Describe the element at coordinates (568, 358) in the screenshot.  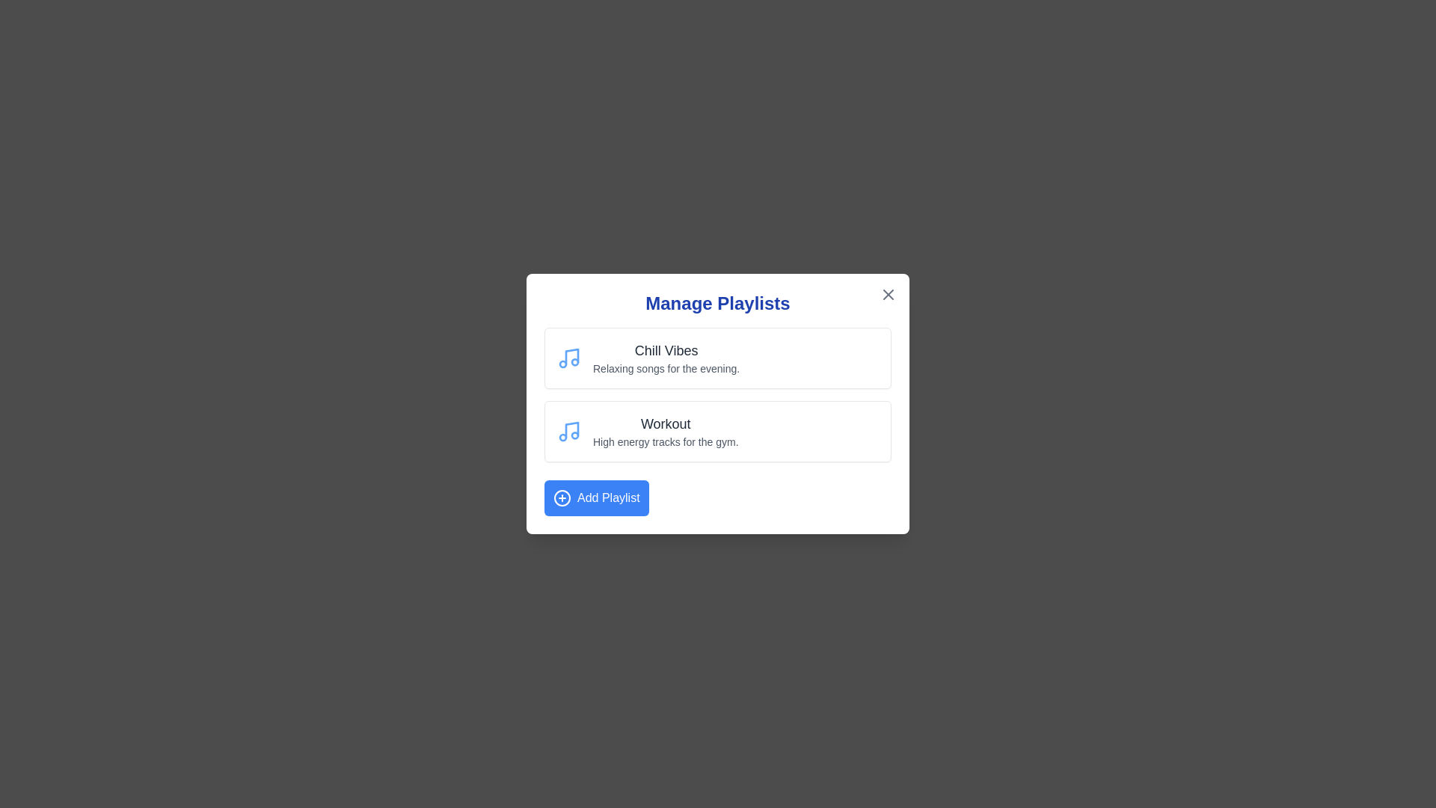
I see `the playlist entry icon for 'Chill Vibes', which is positioned to the left of the title in the first playlist entry card` at that location.